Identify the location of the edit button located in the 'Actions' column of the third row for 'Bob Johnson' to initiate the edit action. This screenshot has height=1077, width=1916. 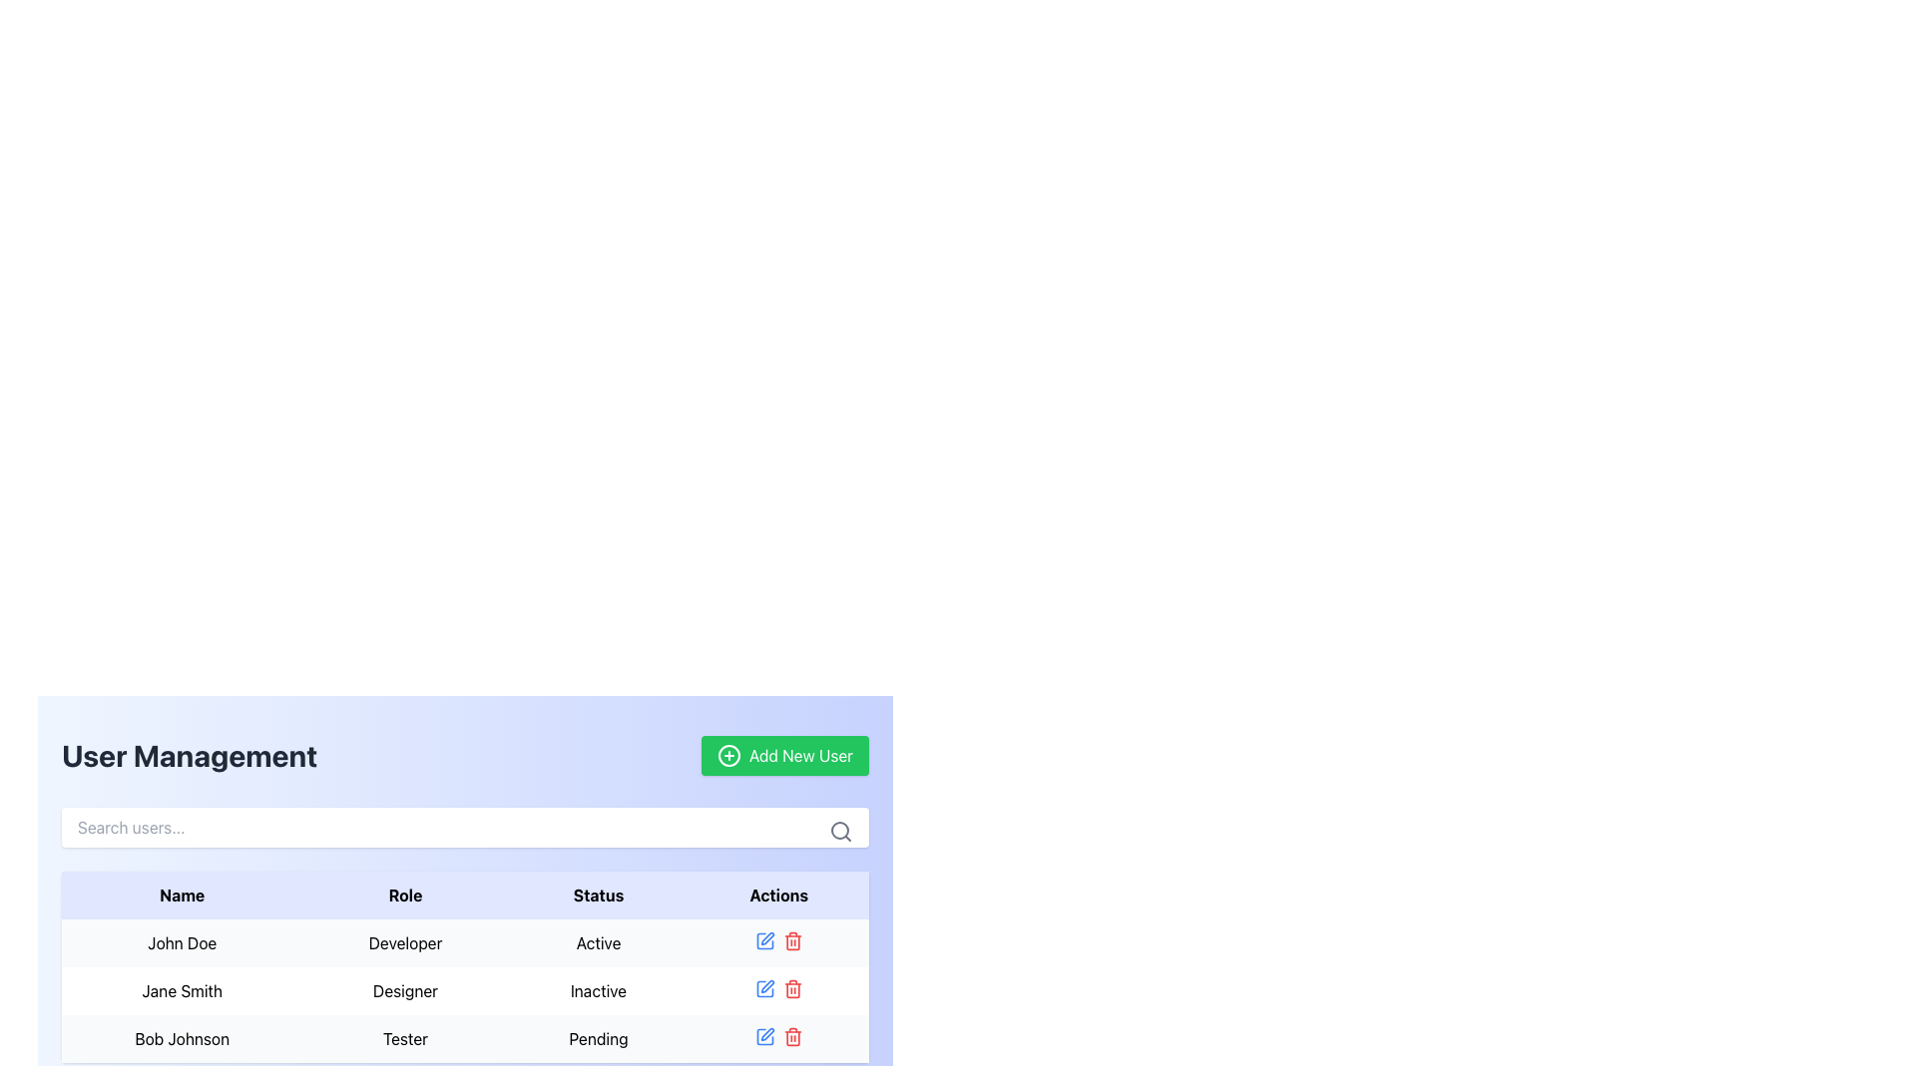
(763, 1036).